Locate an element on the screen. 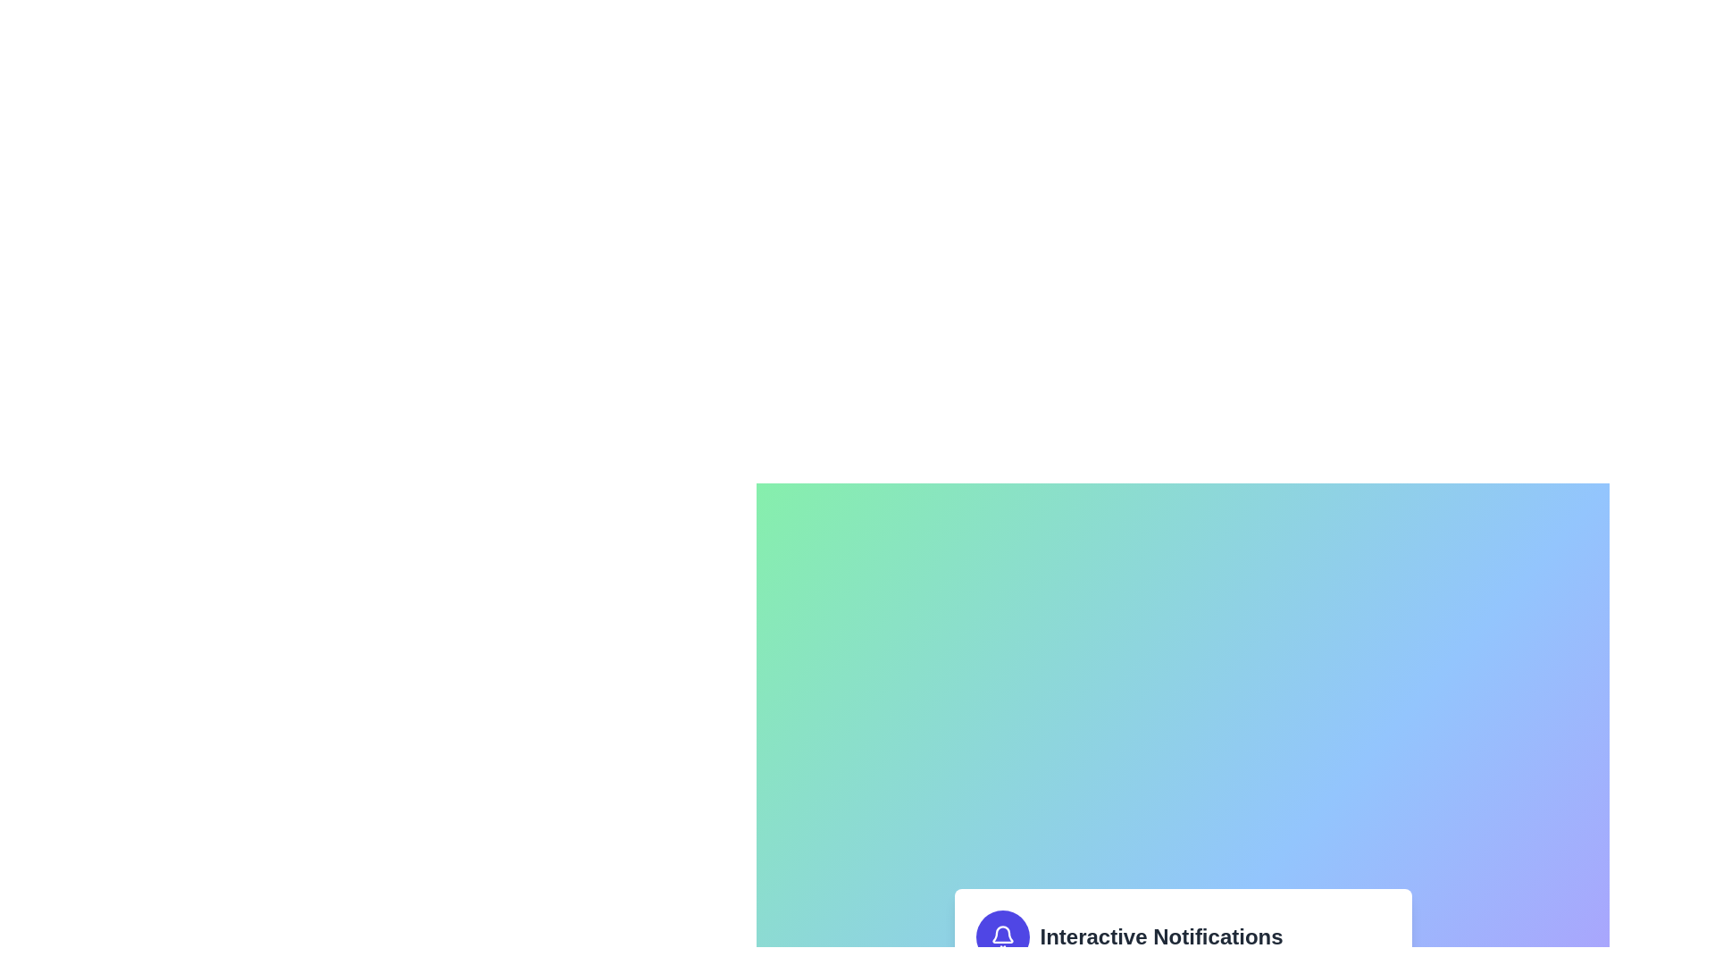 The width and height of the screenshot is (1715, 965). the bell-shaped notification icon that is located at the center of a rounded button with the text 'Check notifications here!' is located at coordinates (1002, 936).